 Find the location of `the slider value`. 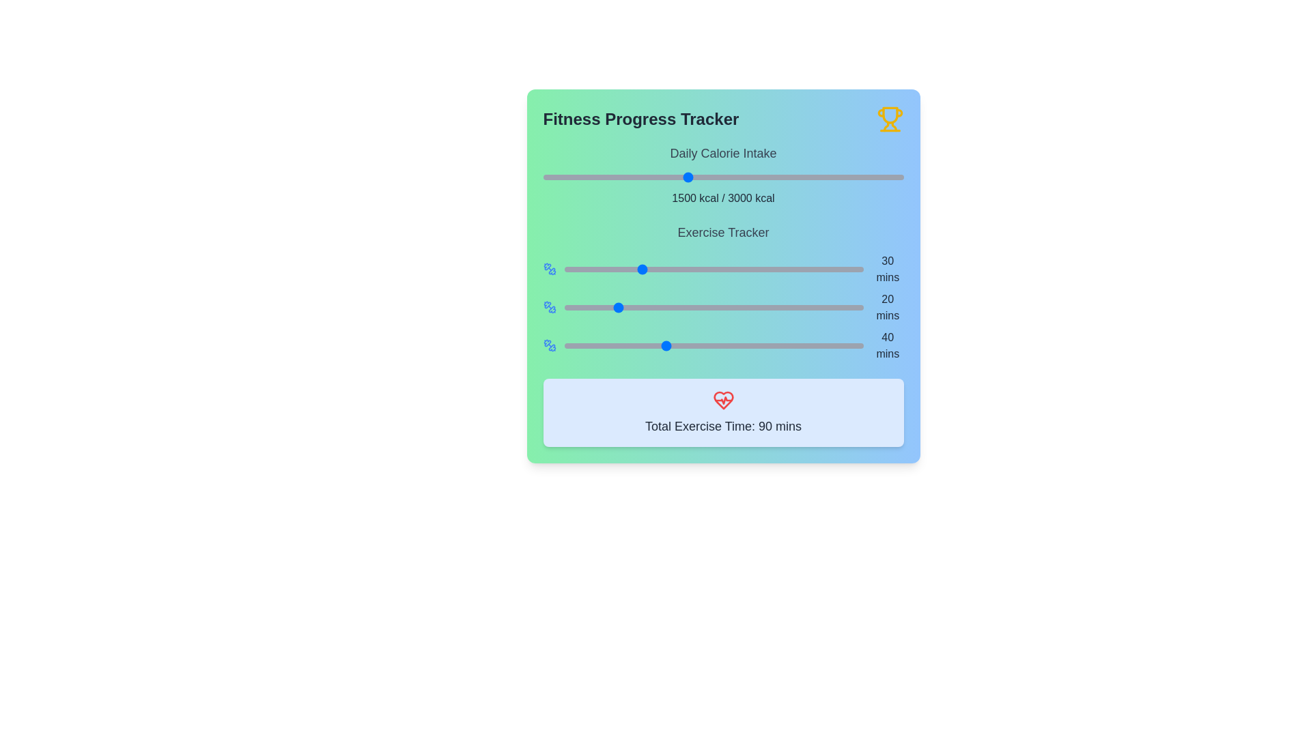

the slider value is located at coordinates (699, 308).